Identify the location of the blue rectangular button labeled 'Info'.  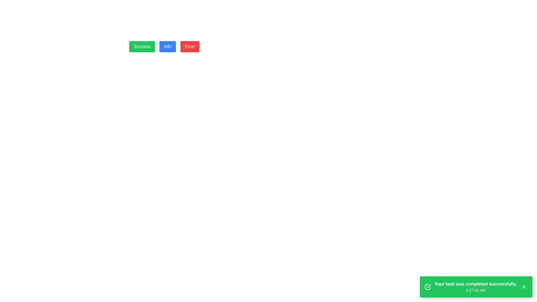
(167, 46).